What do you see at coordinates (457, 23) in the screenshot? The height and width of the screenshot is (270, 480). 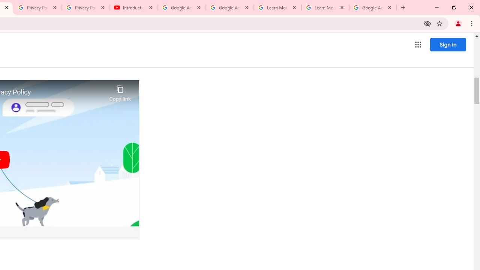 I see `'You'` at bounding box center [457, 23].